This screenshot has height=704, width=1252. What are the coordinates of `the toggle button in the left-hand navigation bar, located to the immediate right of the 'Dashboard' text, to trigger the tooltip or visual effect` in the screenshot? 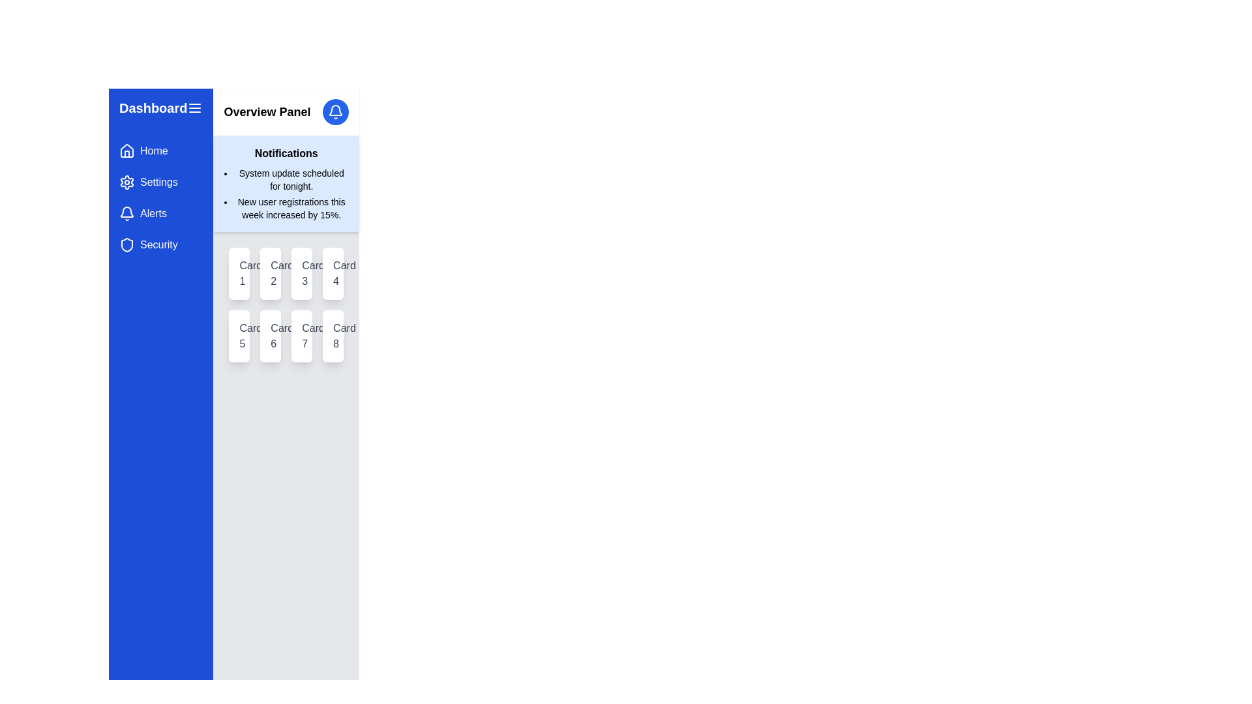 It's located at (194, 107).